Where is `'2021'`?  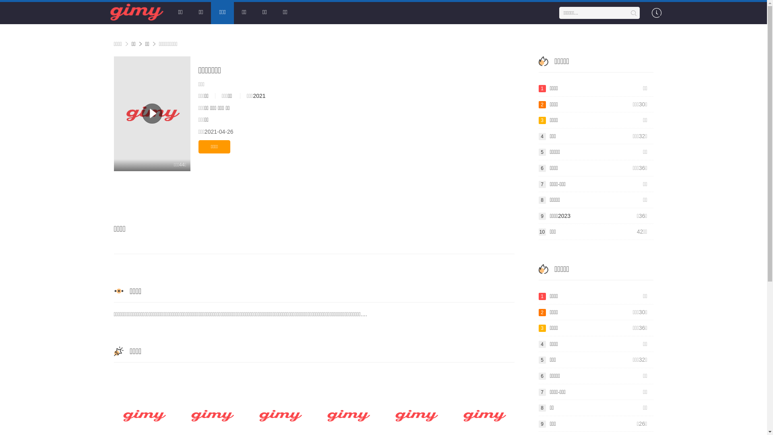
'2021' is located at coordinates (259, 95).